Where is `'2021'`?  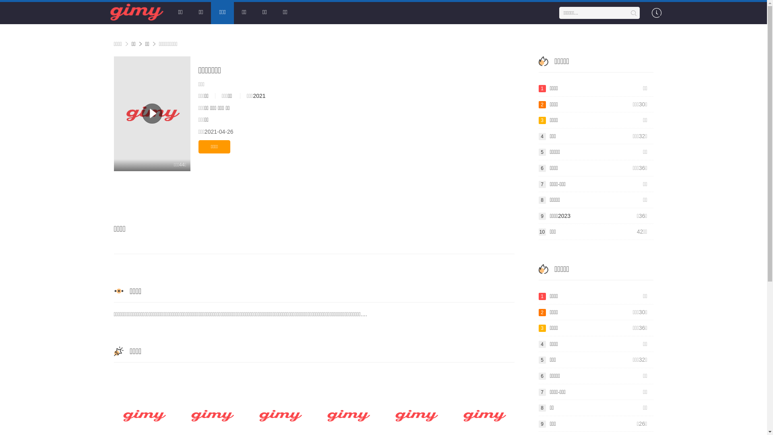
'2021' is located at coordinates (259, 95).